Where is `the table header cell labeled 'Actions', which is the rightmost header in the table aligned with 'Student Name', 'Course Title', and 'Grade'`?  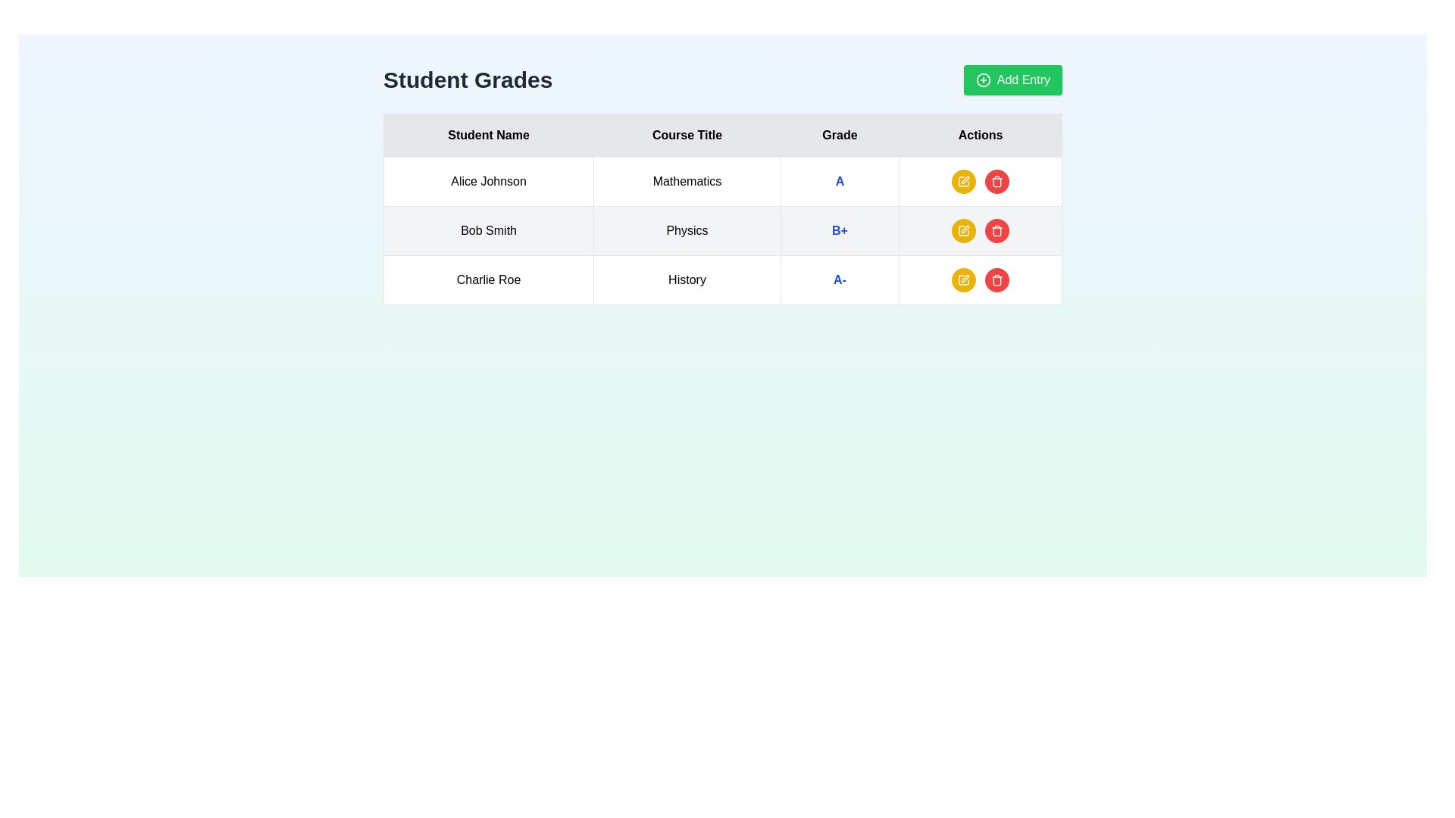 the table header cell labeled 'Actions', which is the rightmost header in the table aligned with 'Student Name', 'Course Title', and 'Grade' is located at coordinates (981, 134).